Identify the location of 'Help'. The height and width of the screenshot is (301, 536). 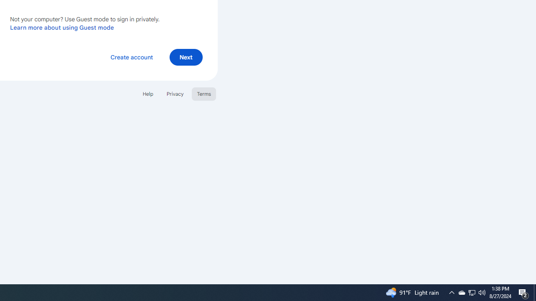
(147, 94).